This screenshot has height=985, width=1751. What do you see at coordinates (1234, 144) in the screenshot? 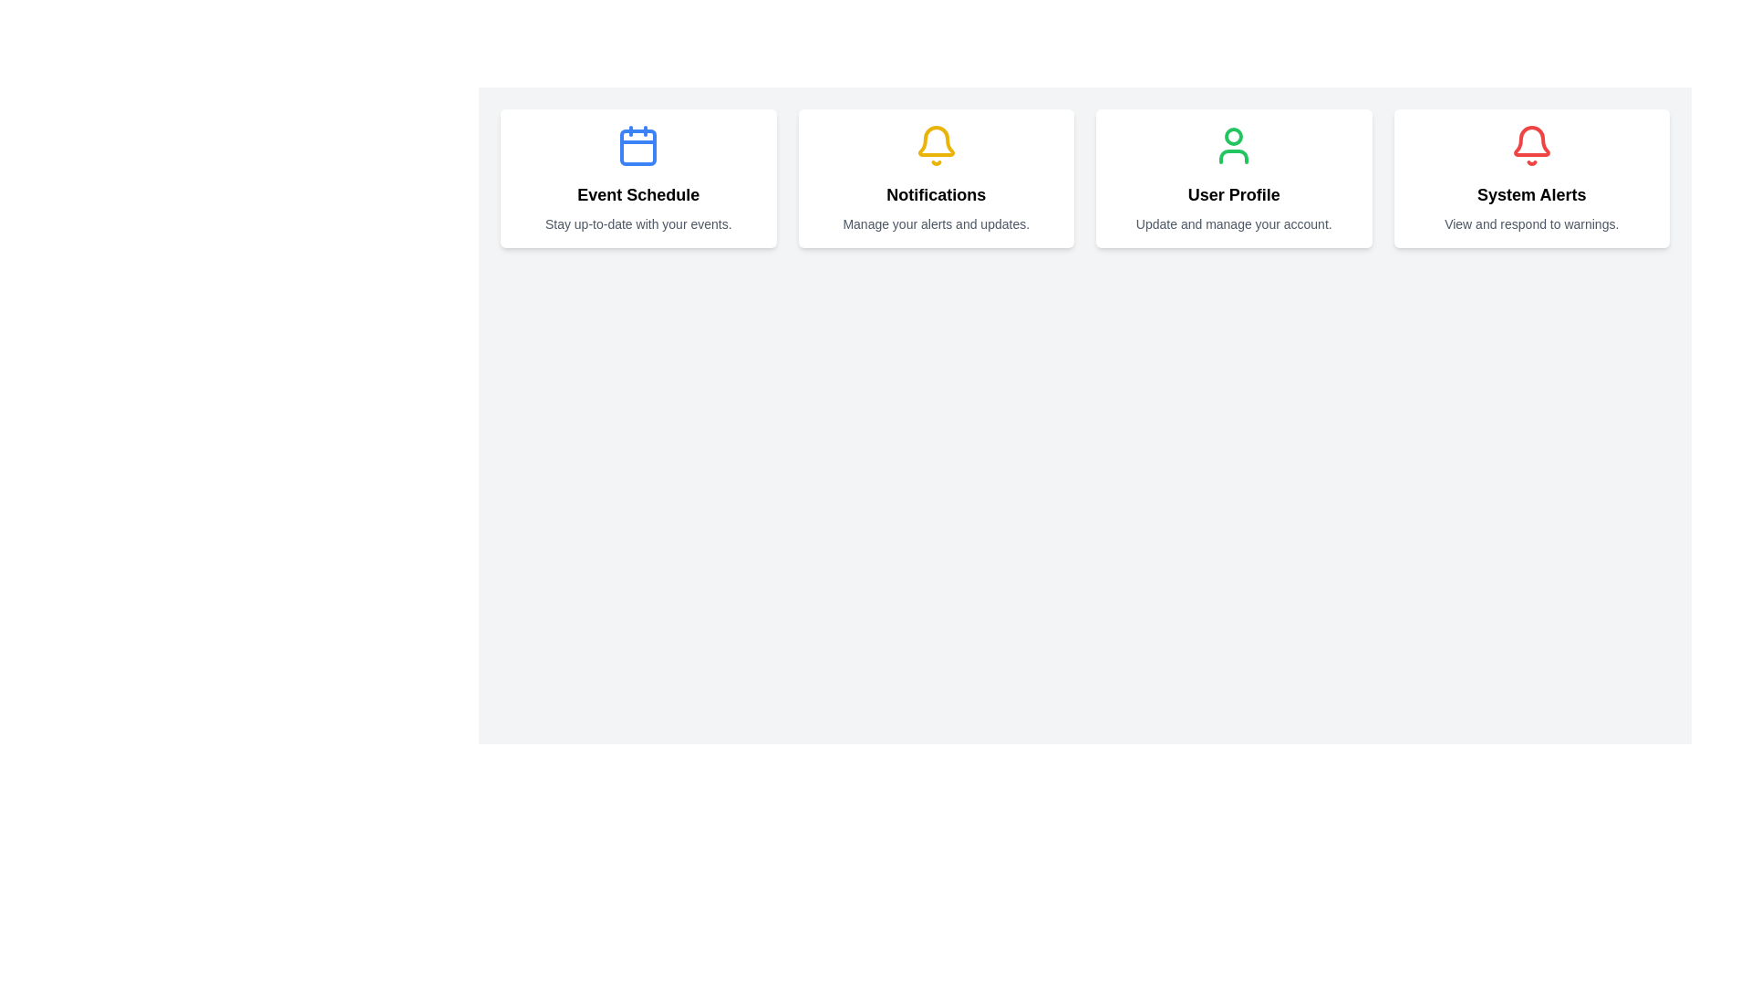
I see `the green user profile icon located at the upper center of the 'User Profile' card in the grid layout` at bounding box center [1234, 144].